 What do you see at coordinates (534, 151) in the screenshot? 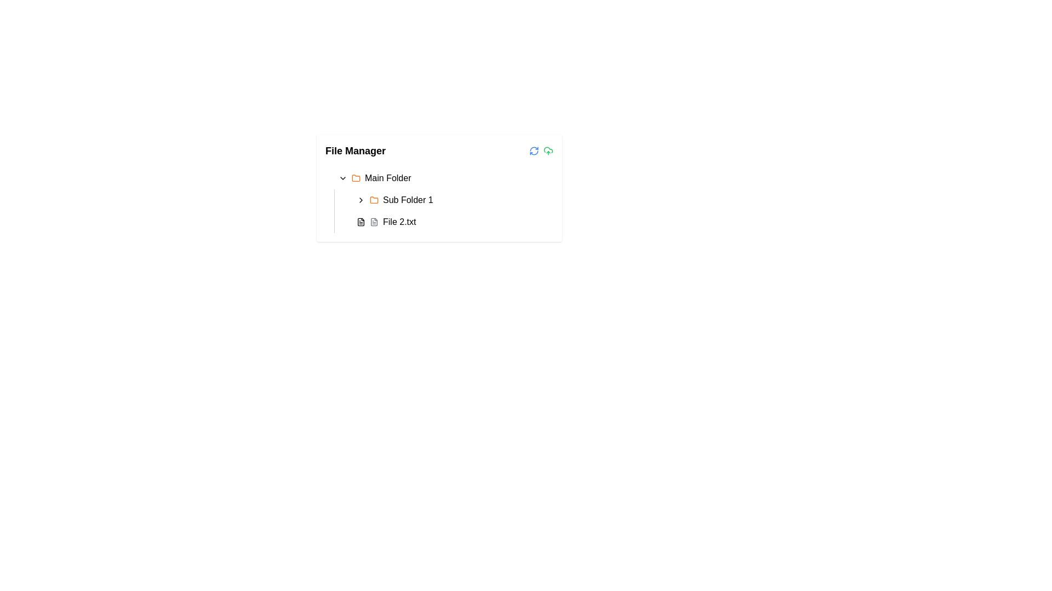
I see `the circular blue arrow icon button, which is the leftmost icon in a horizontal group above a file management panel` at bounding box center [534, 151].